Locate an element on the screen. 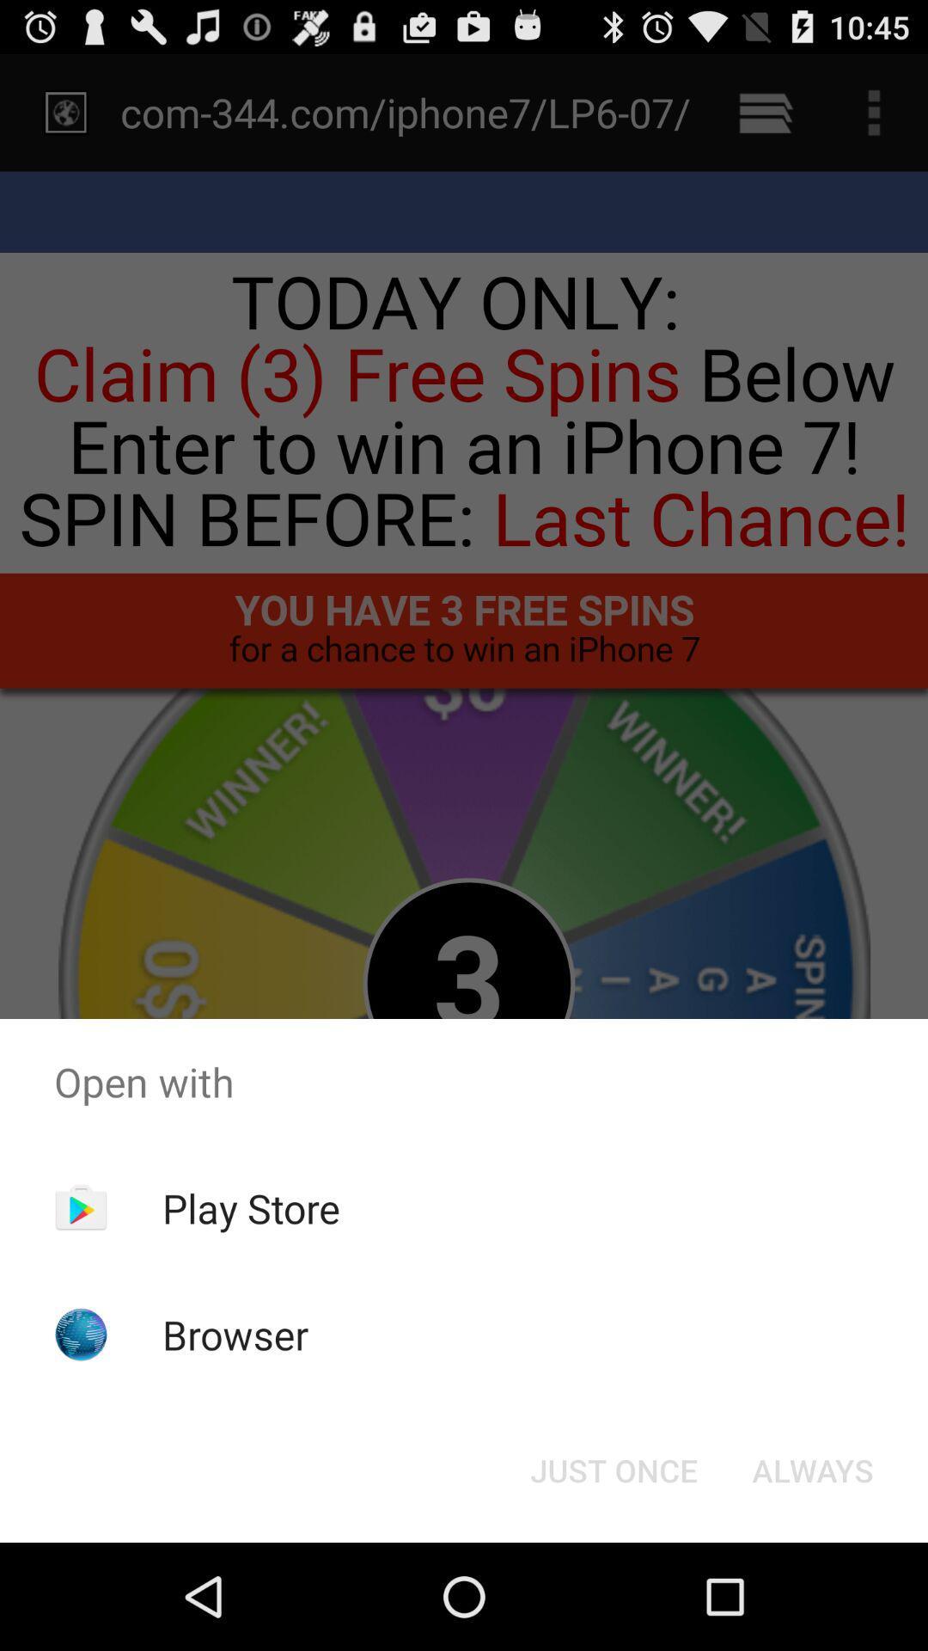 This screenshot has width=928, height=1651. icon below open with item is located at coordinates (613, 1469).